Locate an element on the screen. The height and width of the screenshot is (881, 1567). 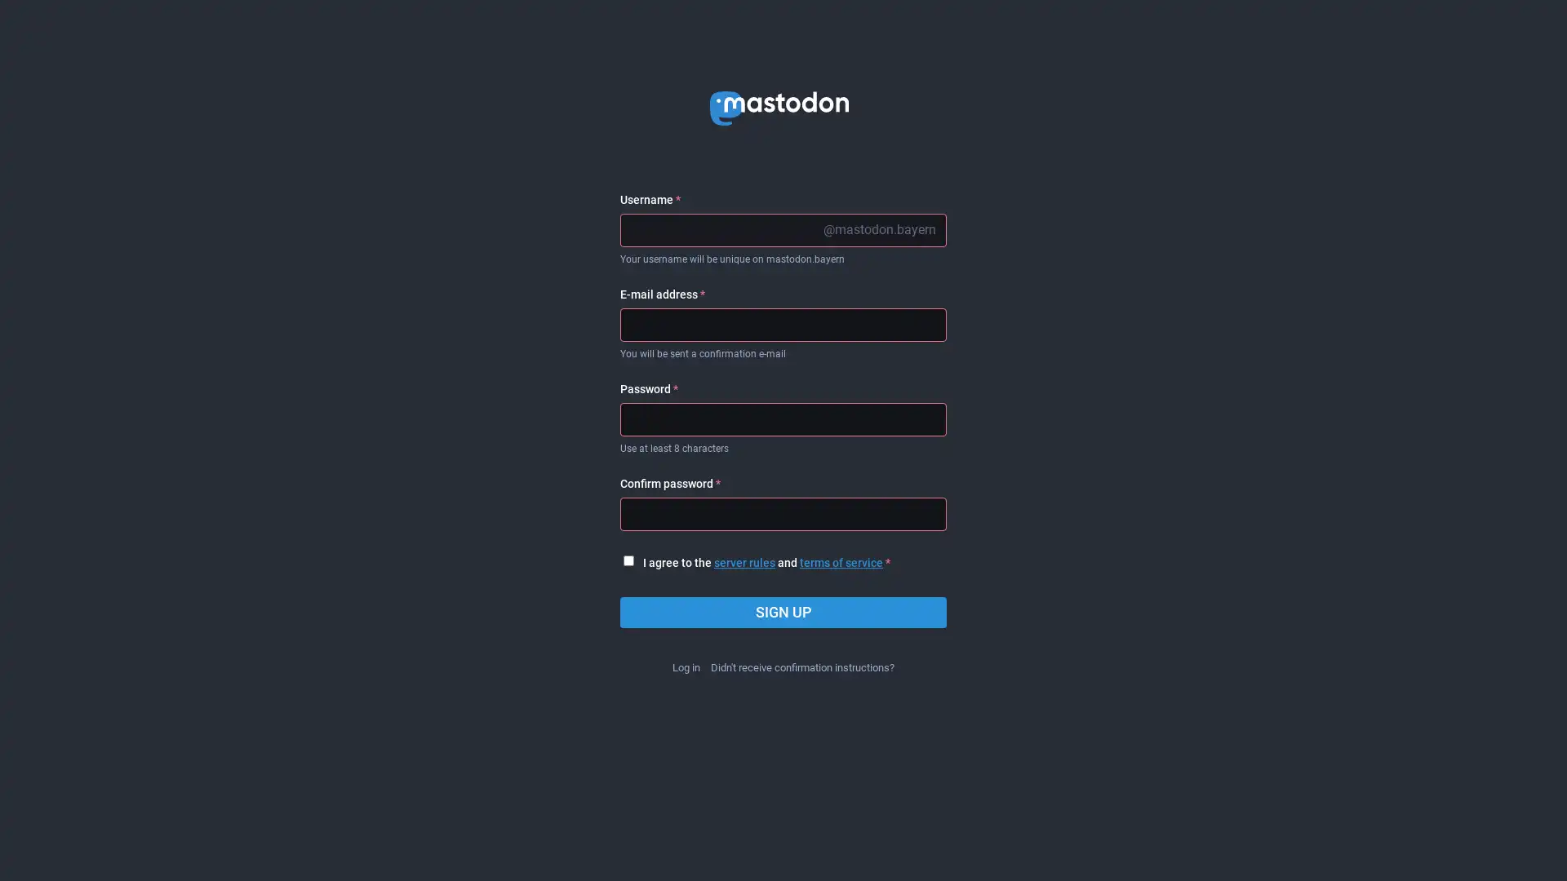
SIGN UP is located at coordinates (783, 613).